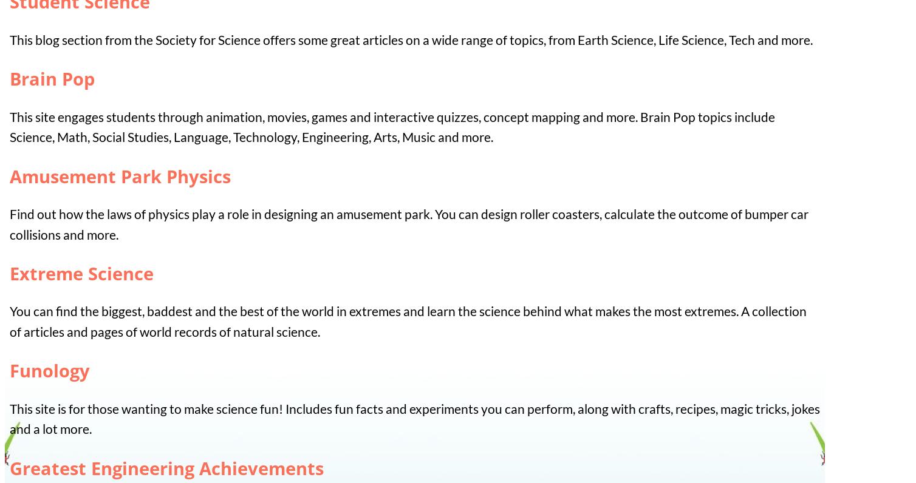 The height and width of the screenshot is (483, 916). I want to click on 'You can find the biggest, baddest and the best of the world in extremes and learn the science behind what makes the most extremes.  A collection of articles and pages of world records of natural science.', so click(407, 321).